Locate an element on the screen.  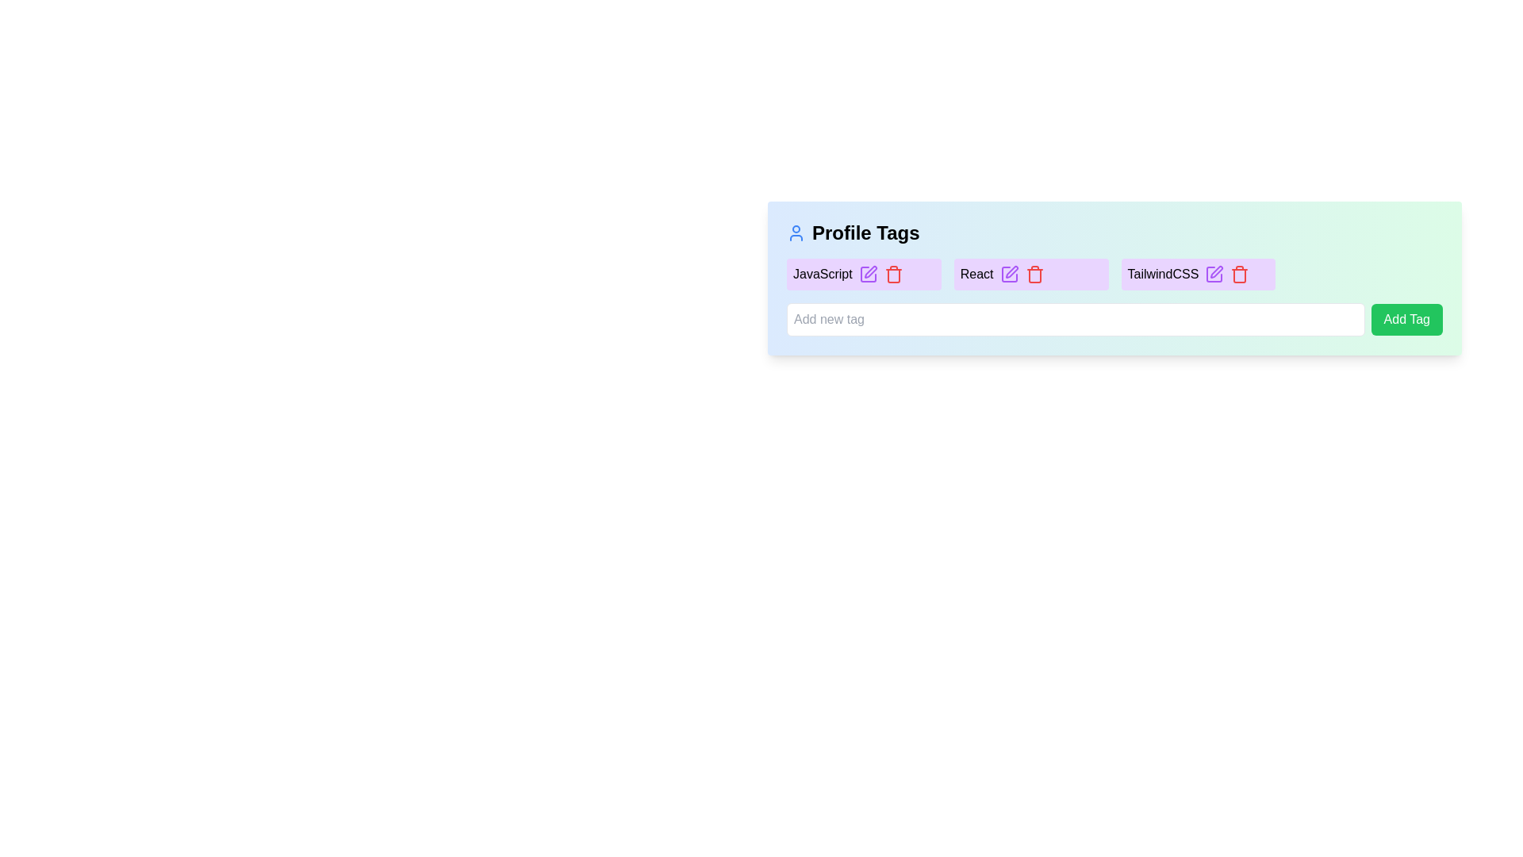
the purple pen SVG icon next to the 'TailwindCSS' label is located at coordinates (1214, 274).